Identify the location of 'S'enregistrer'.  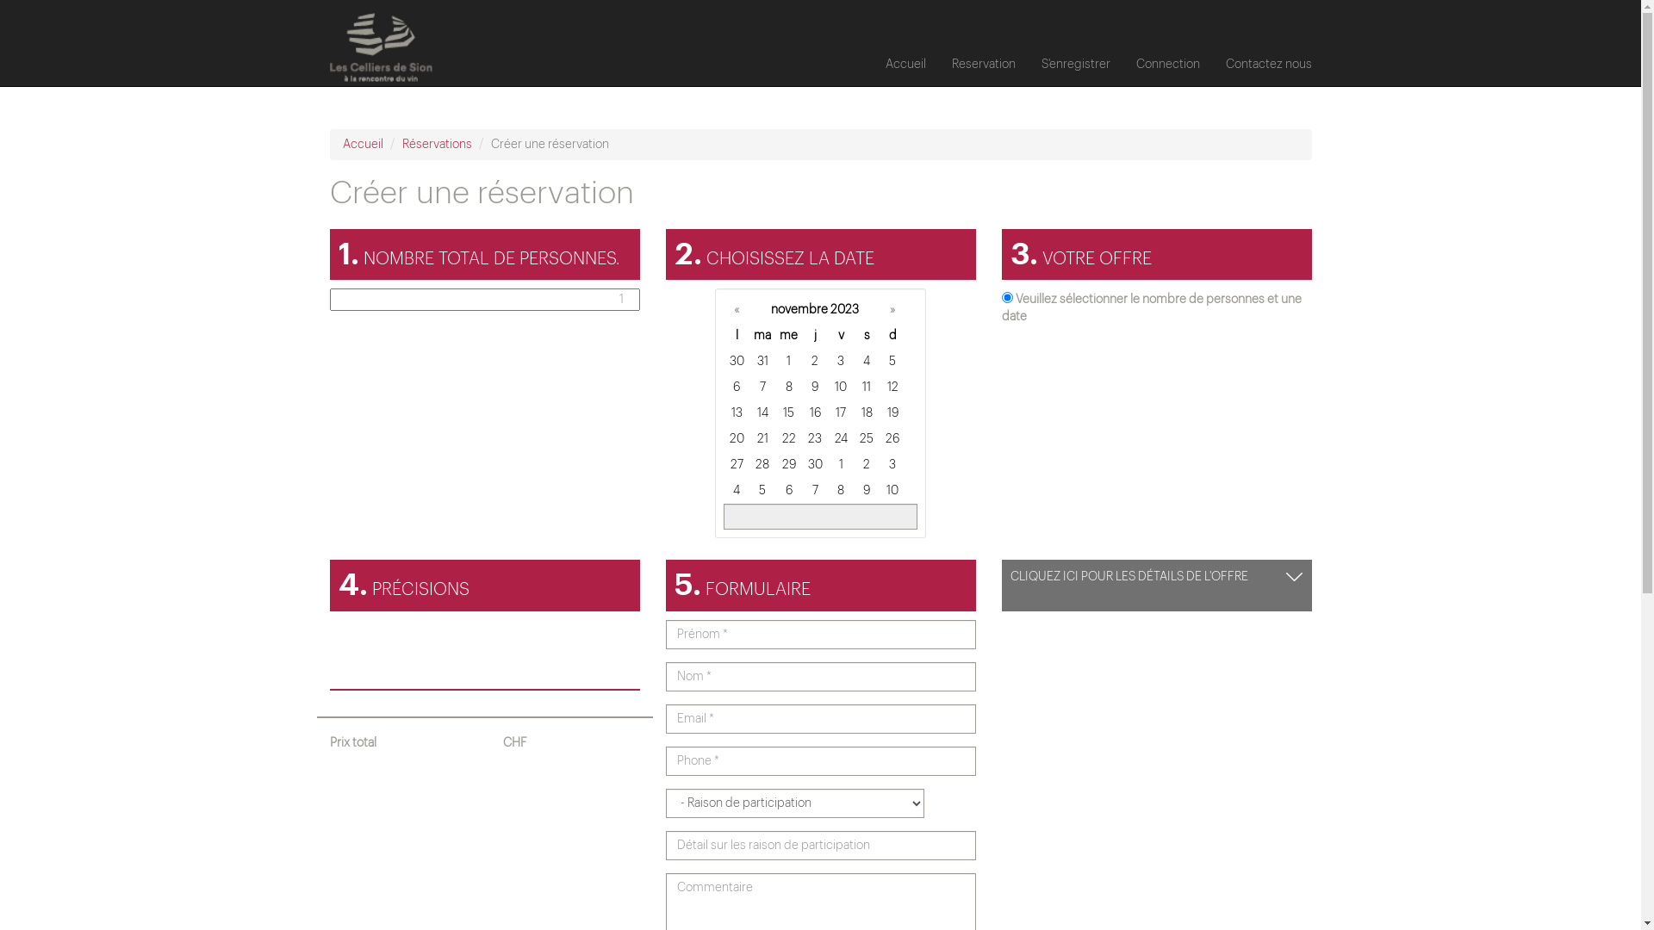
(1074, 63).